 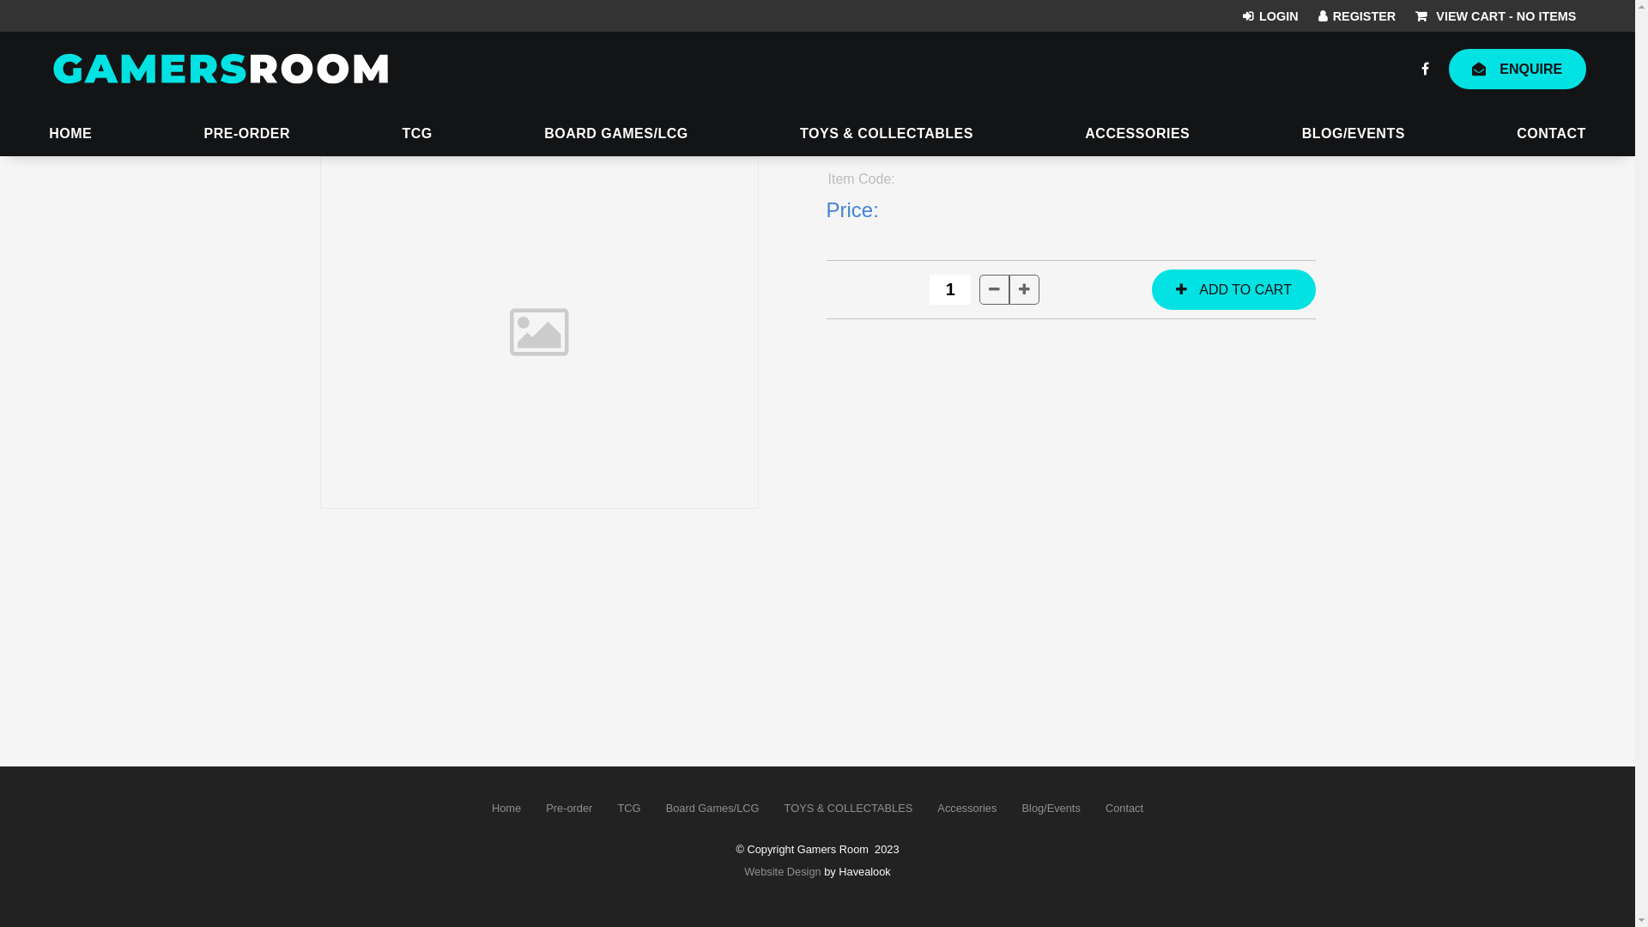 What do you see at coordinates (886, 134) in the screenshot?
I see `'TOYS & COLLECTABLES'` at bounding box center [886, 134].